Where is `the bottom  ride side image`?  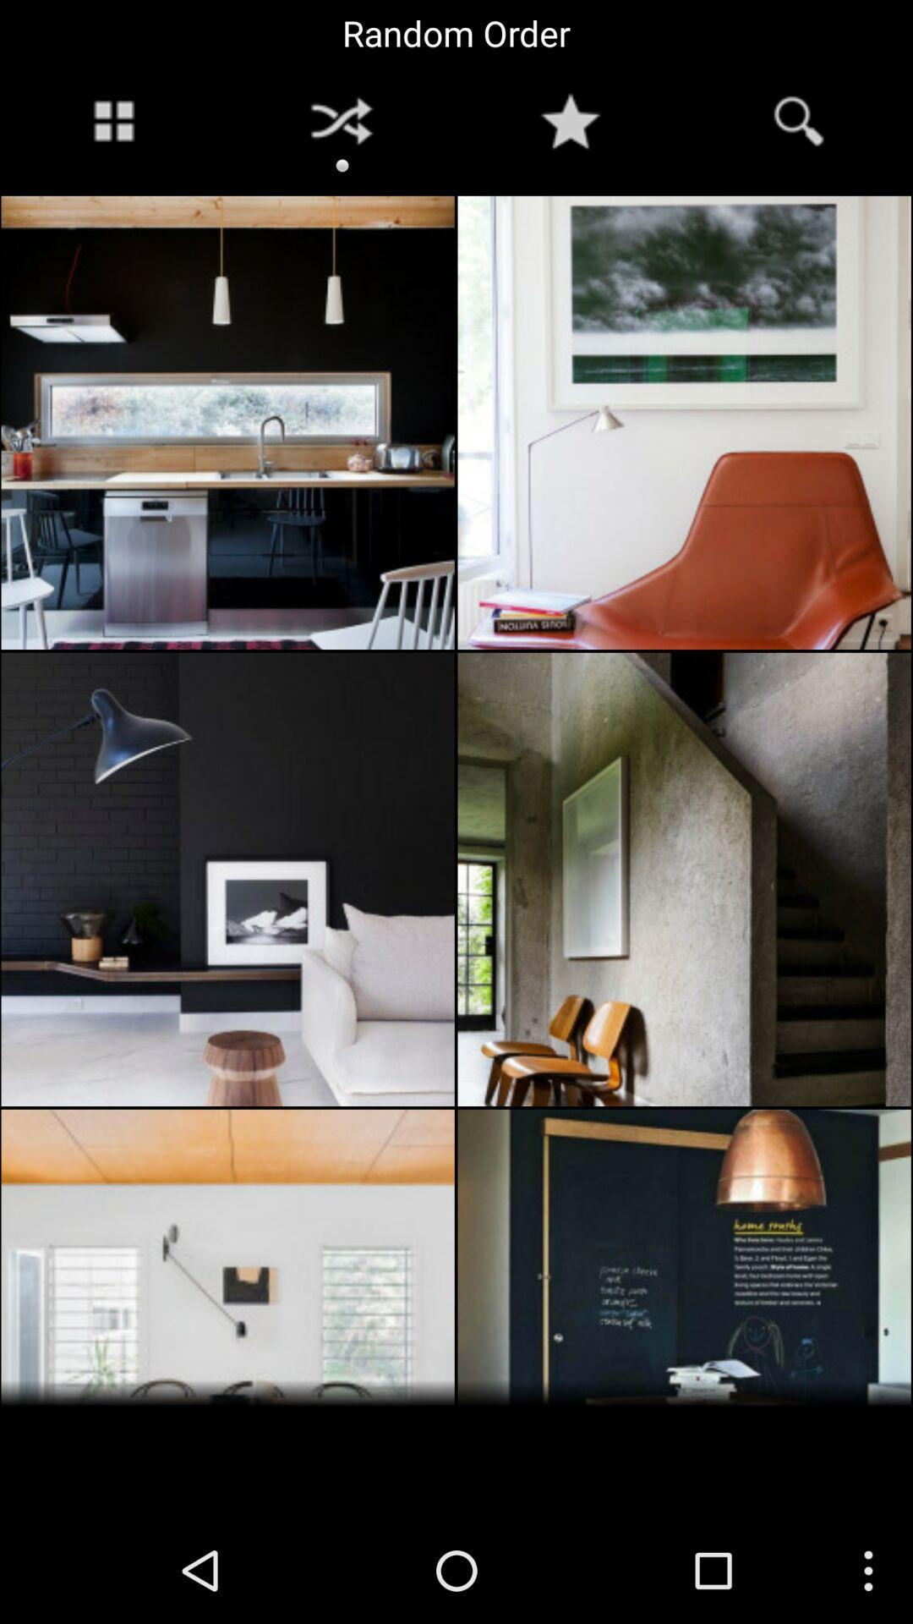 the bottom  ride side image is located at coordinates (685, 1258).